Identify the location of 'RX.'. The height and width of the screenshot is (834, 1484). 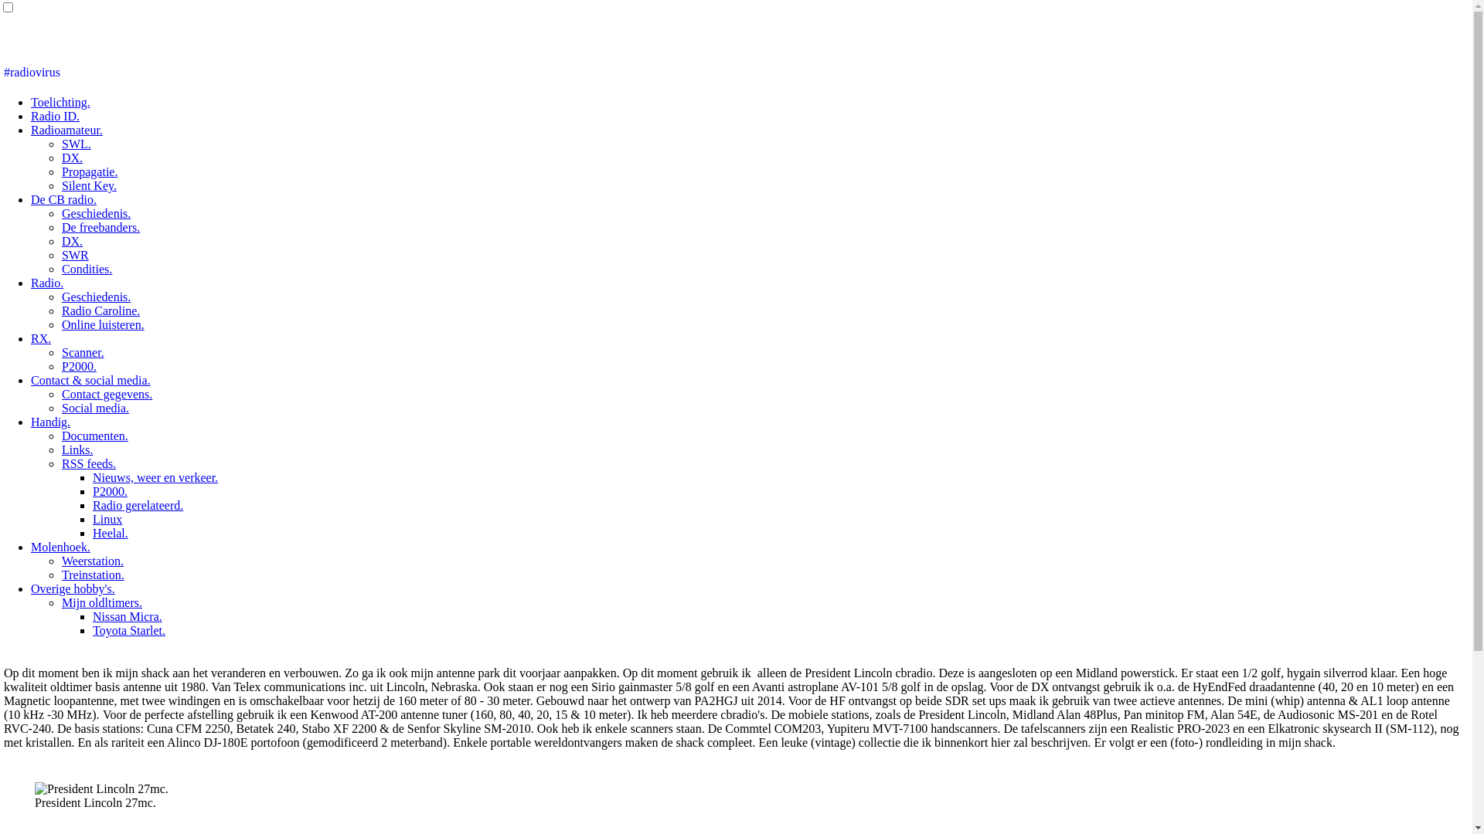
(40, 337).